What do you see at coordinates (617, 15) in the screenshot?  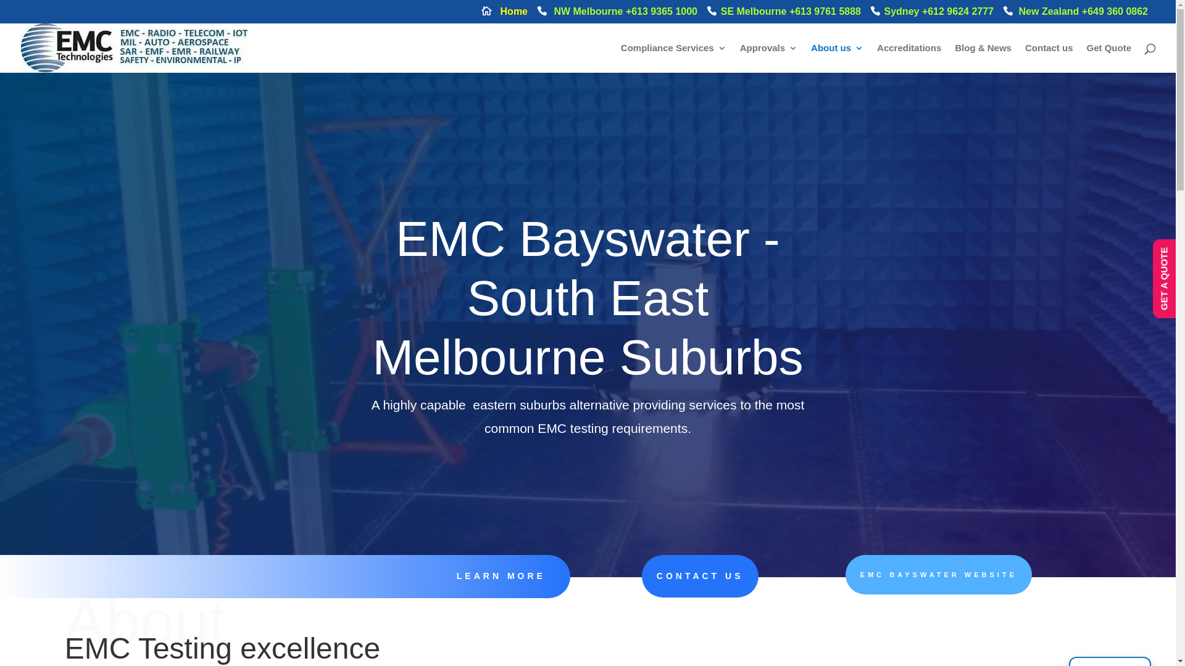 I see `'NW Melbourne +613 9365 1000'` at bounding box center [617, 15].